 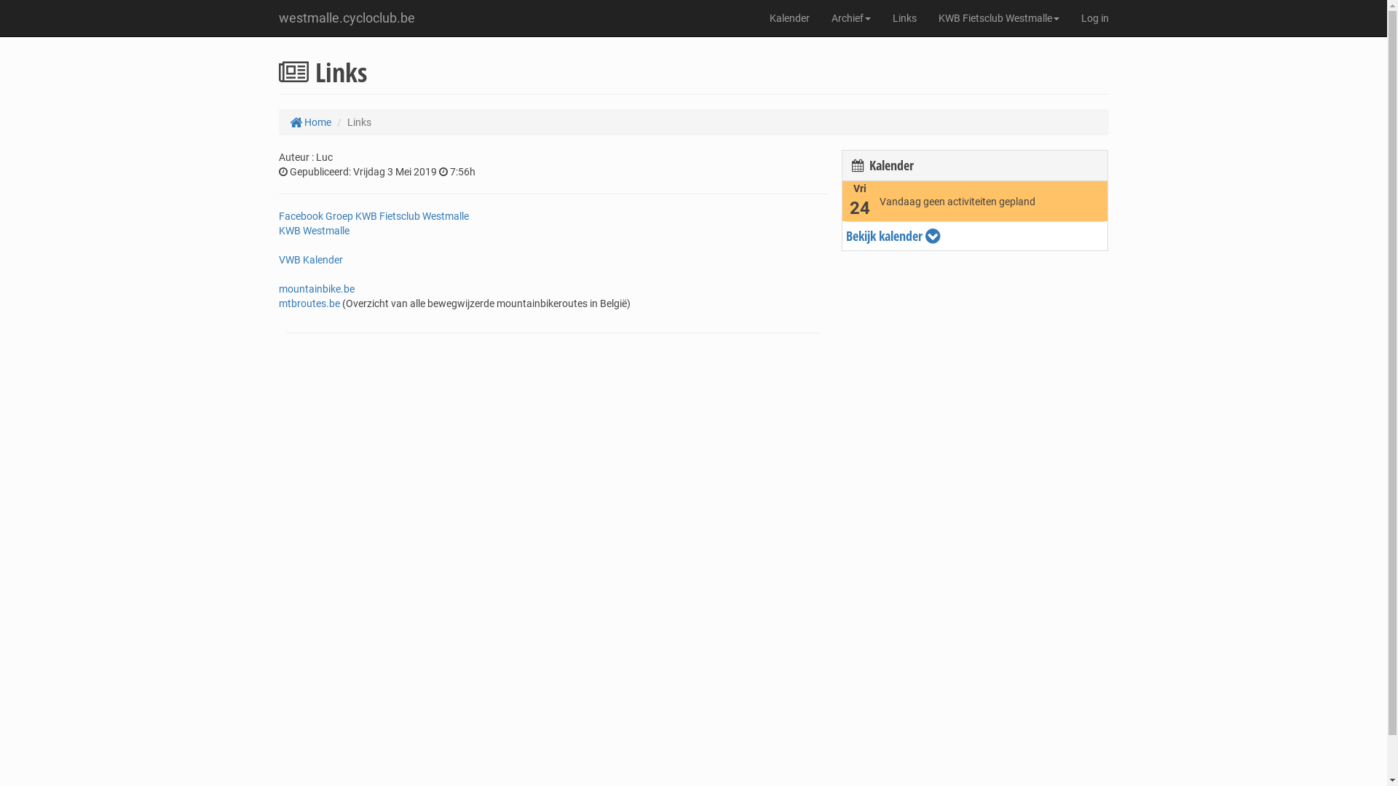 I want to click on 'Archief', so click(x=850, y=17).